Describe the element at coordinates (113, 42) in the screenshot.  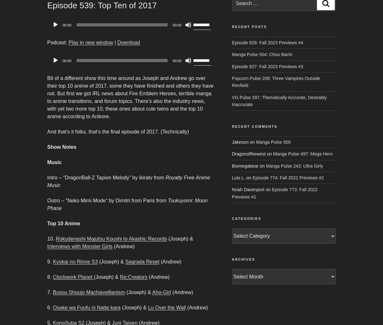
I see `'|'` at that location.